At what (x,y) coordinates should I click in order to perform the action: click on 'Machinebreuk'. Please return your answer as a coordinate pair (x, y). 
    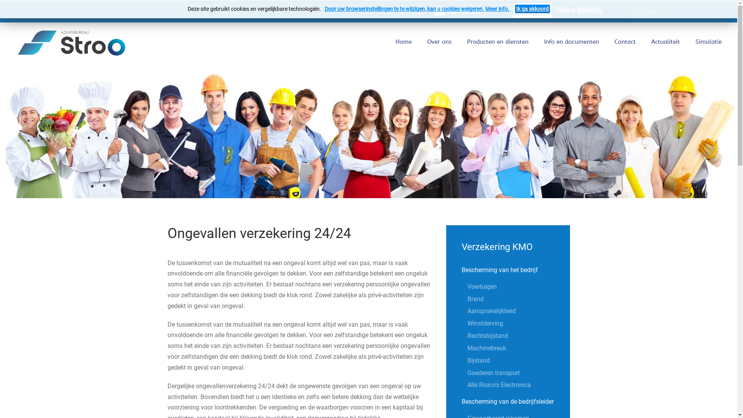
    Looking at the image, I should click on (467, 348).